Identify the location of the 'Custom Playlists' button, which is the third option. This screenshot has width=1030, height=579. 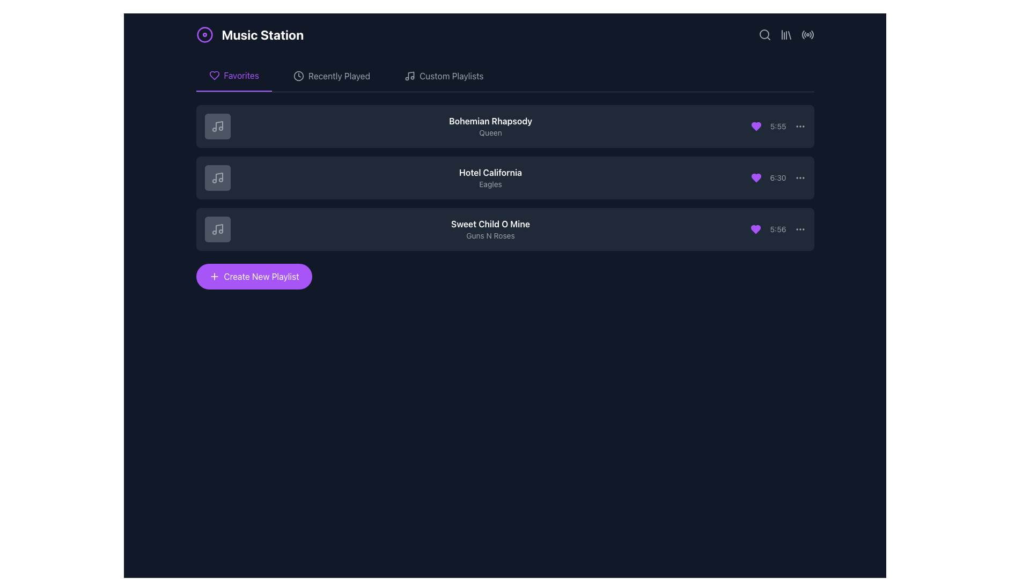
(444, 76).